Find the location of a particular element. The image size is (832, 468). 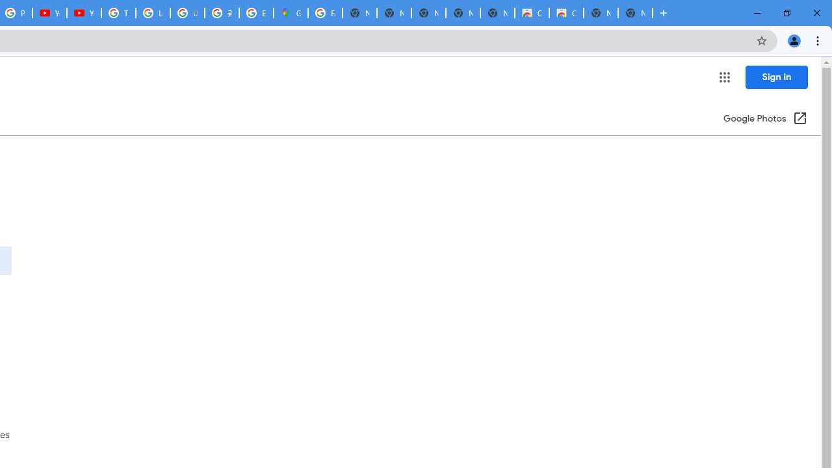

'Classic Blue - Chrome Web Store' is located at coordinates (532, 13).